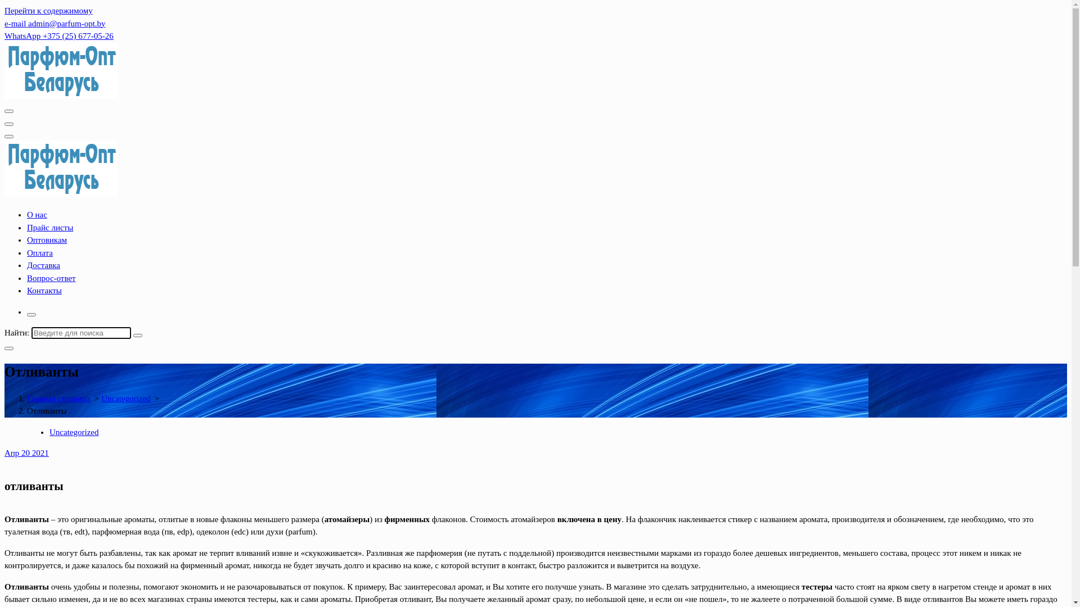 Image resolution: width=1080 pixels, height=607 pixels. Describe the element at coordinates (101, 397) in the screenshot. I see `'Uncategorized'` at that location.